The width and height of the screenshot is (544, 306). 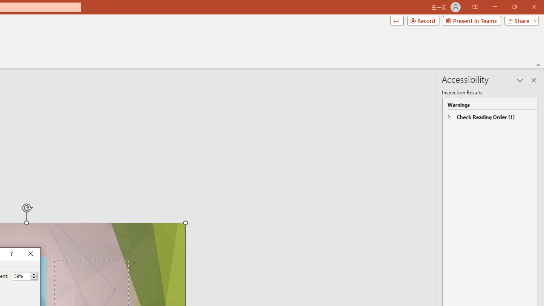 What do you see at coordinates (520, 80) in the screenshot?
I see `'Task Pane Options'` at bounding box center [520, 80].